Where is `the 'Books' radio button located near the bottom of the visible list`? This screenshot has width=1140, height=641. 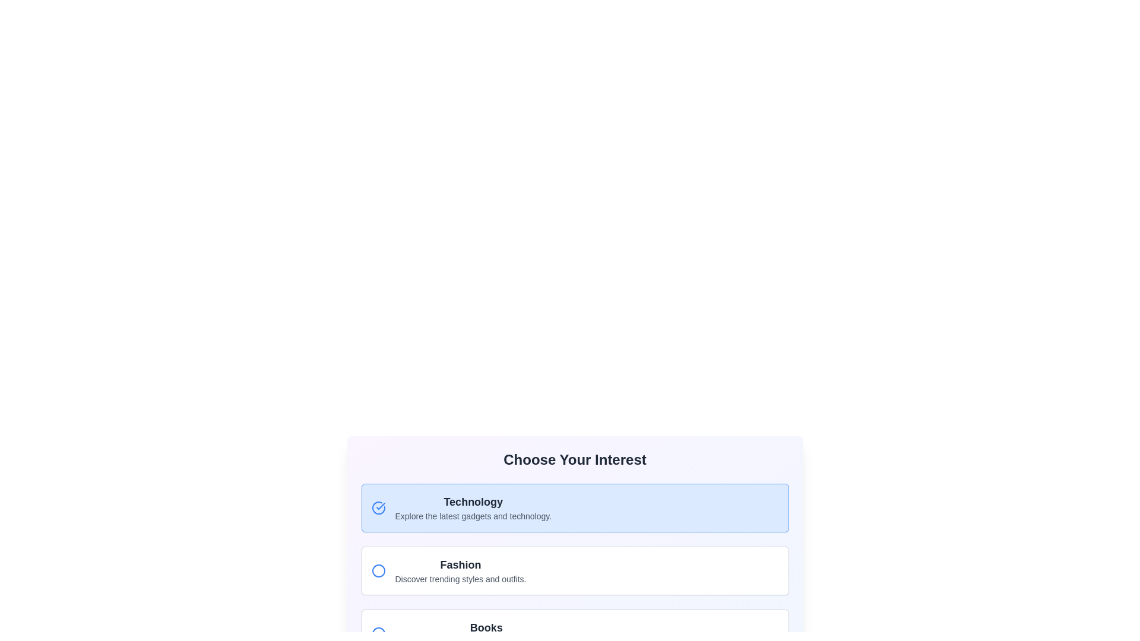
the 'Books' radio button located near the bottom of the visible list is located at coordinates (378, 633).